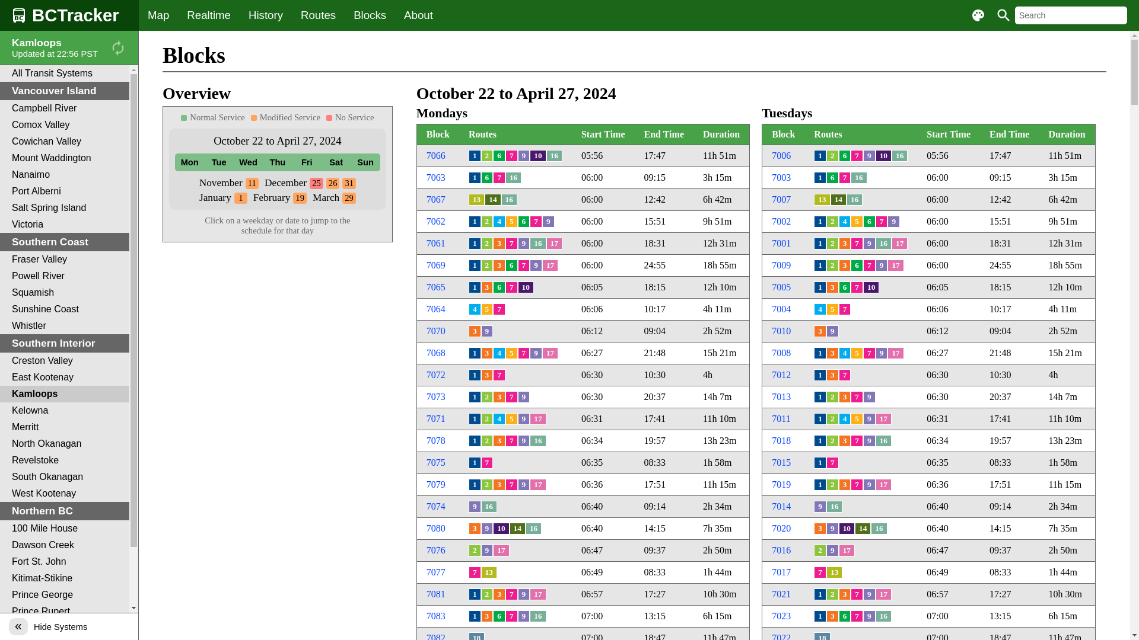  Describe the element at coordinates (781, 155) in the screenshot. I see `'7006'` at that location.